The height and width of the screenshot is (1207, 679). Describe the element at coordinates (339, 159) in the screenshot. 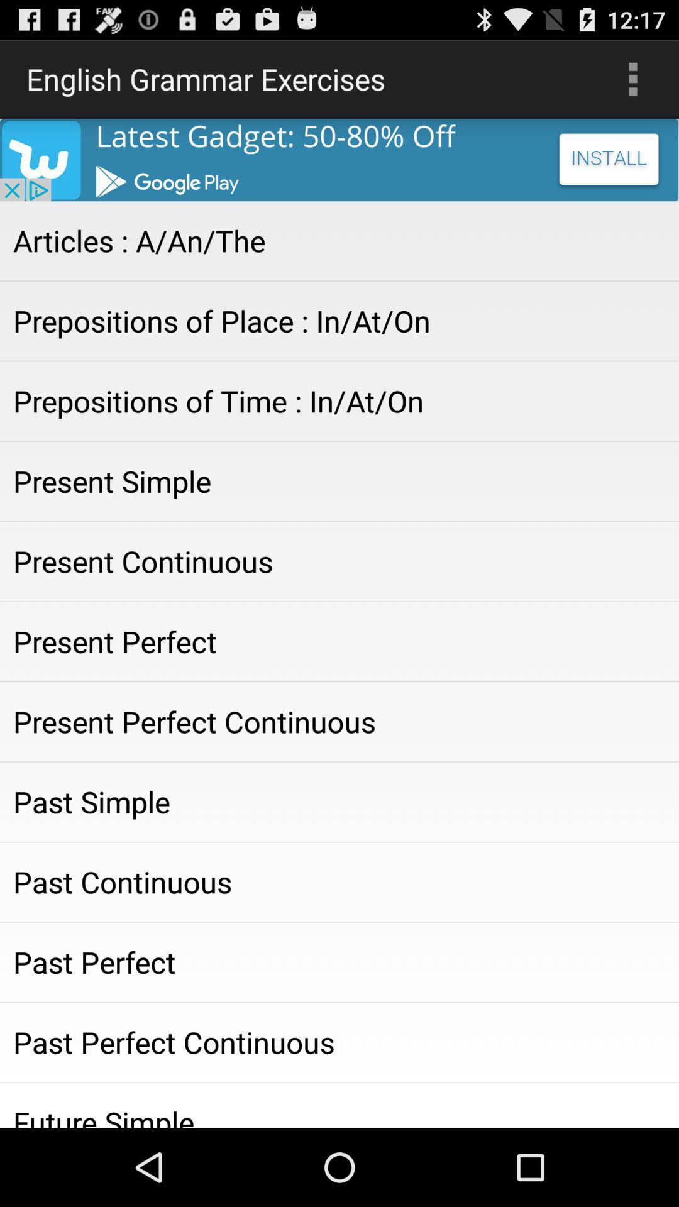

I see `install app` at that location.